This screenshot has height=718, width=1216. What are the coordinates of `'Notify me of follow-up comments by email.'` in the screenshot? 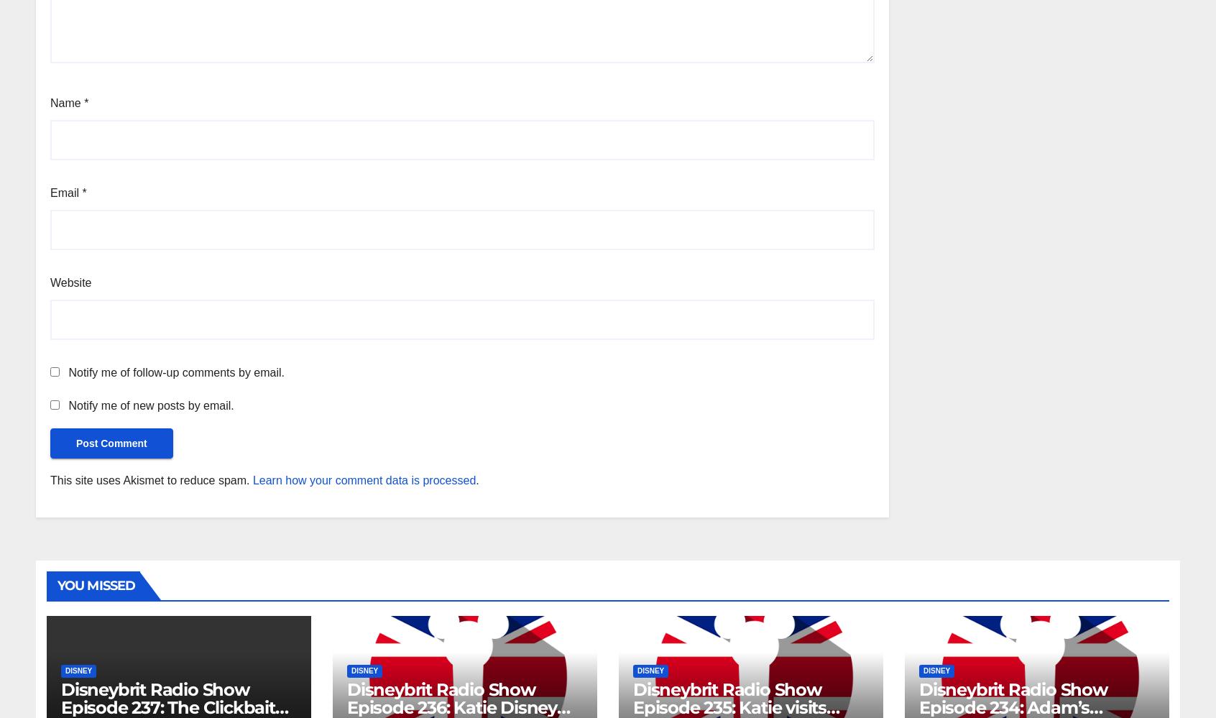 It's located at (176, 371).